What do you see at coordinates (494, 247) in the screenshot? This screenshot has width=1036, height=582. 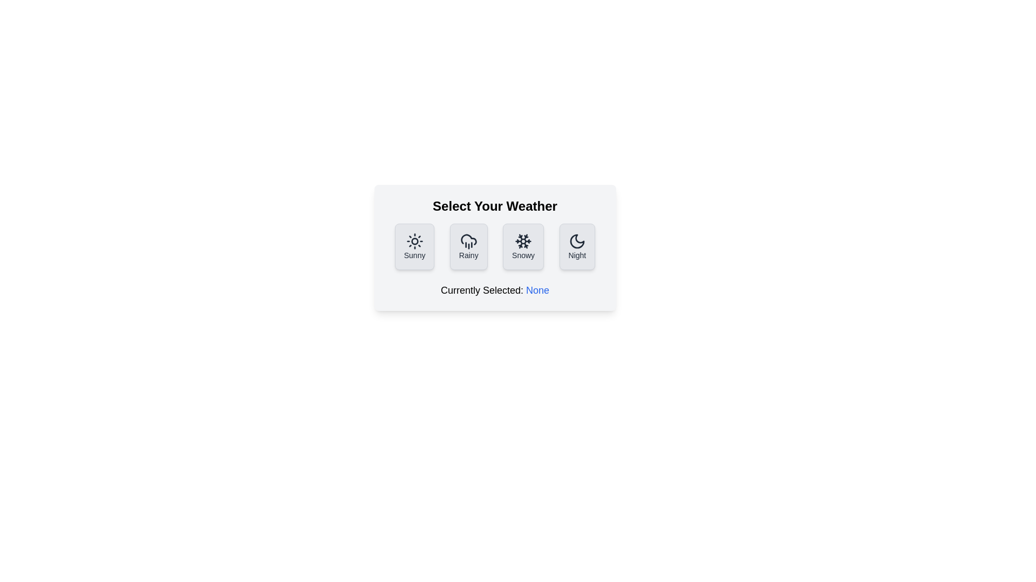 I see `any button in the 'Sunny', 'Rainy', 'Snowy', 'Night' button group` at bounding box center [494, 247].